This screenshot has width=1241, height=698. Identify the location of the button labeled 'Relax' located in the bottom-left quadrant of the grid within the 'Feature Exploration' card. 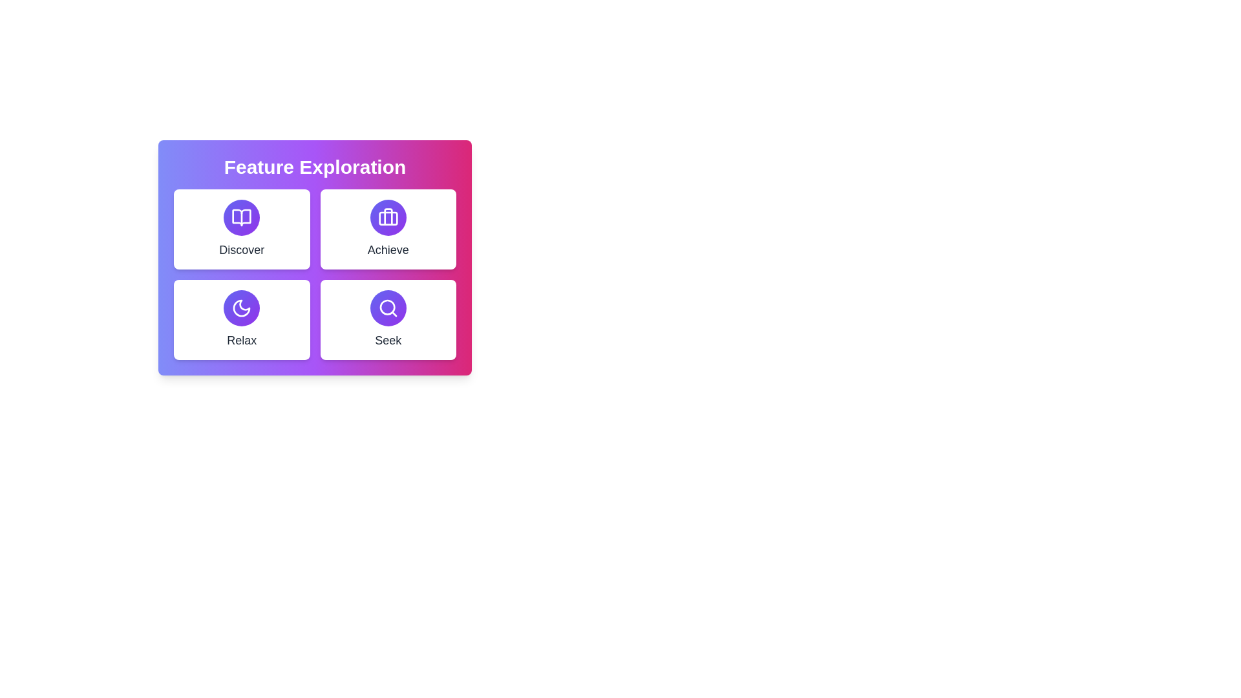
(242, 308).